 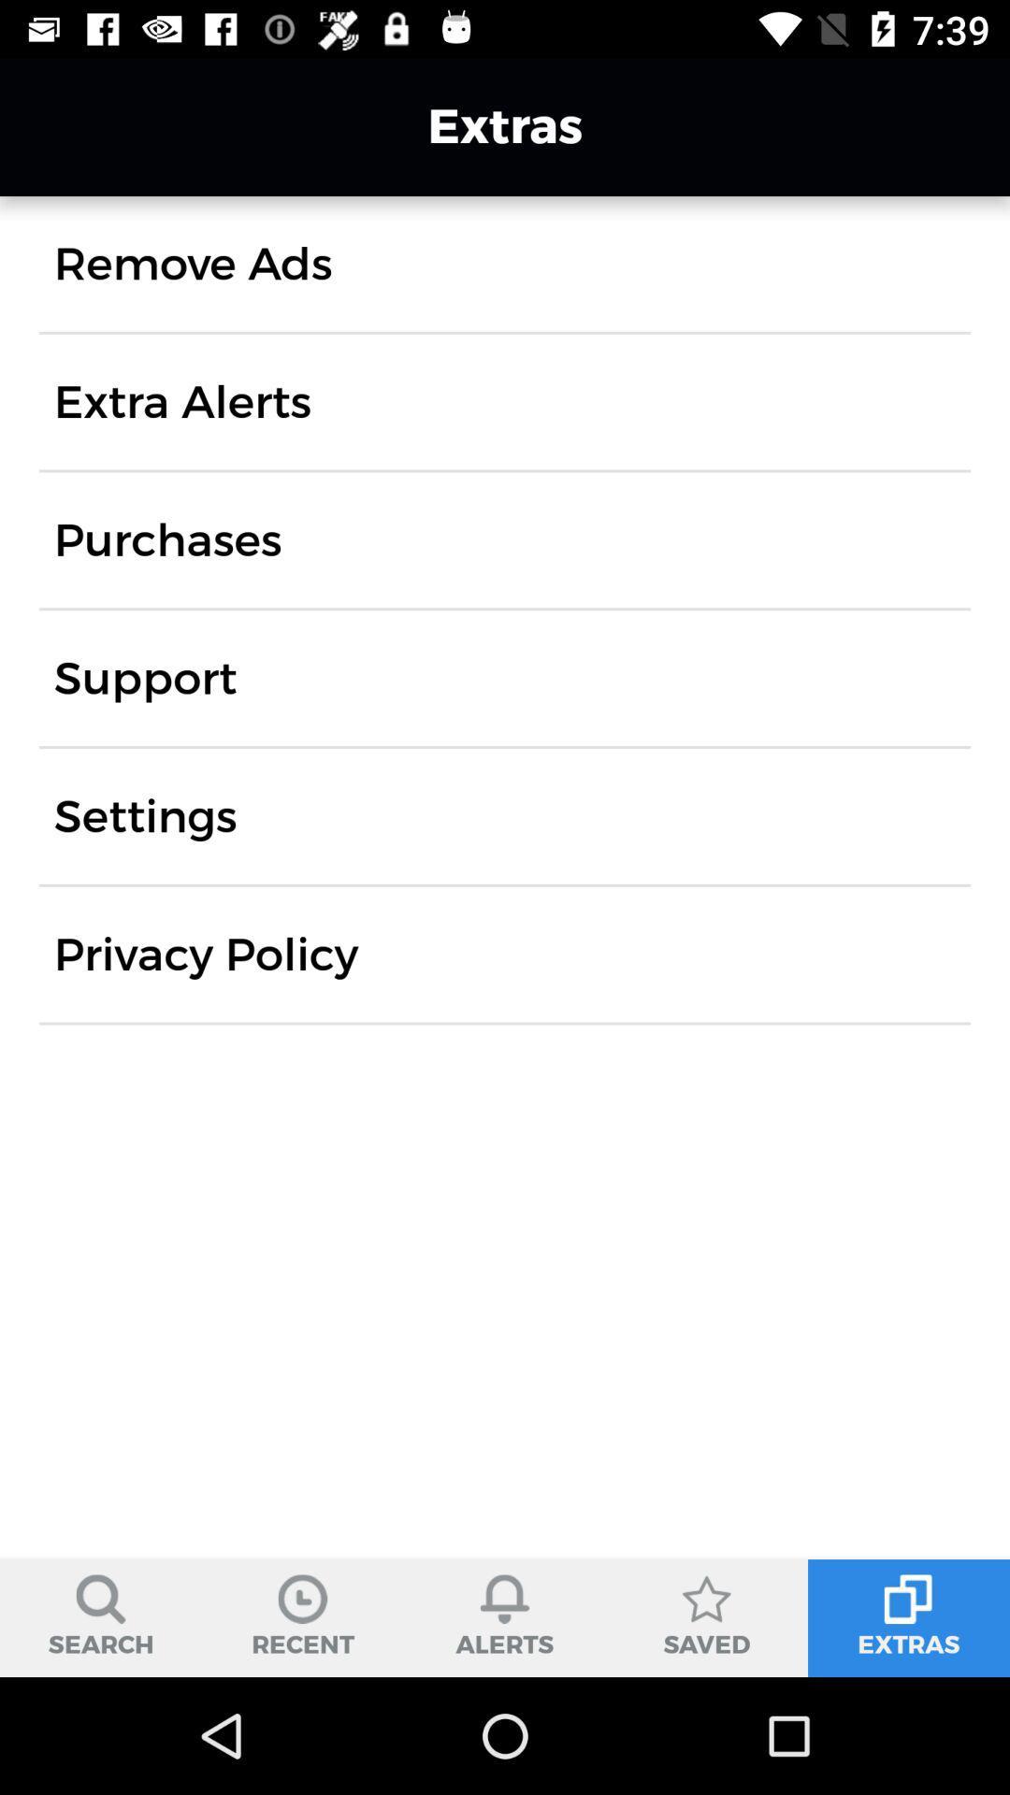 What do you see at coordinates (193, 263) in the screenshot?
I see `the remove ads item` at bounding box center [193, 263].